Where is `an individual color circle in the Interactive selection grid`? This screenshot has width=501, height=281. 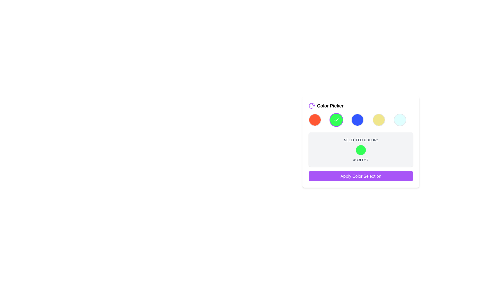
an individual color circle in the Interactive selection grid is located at coordinates (360, 120).